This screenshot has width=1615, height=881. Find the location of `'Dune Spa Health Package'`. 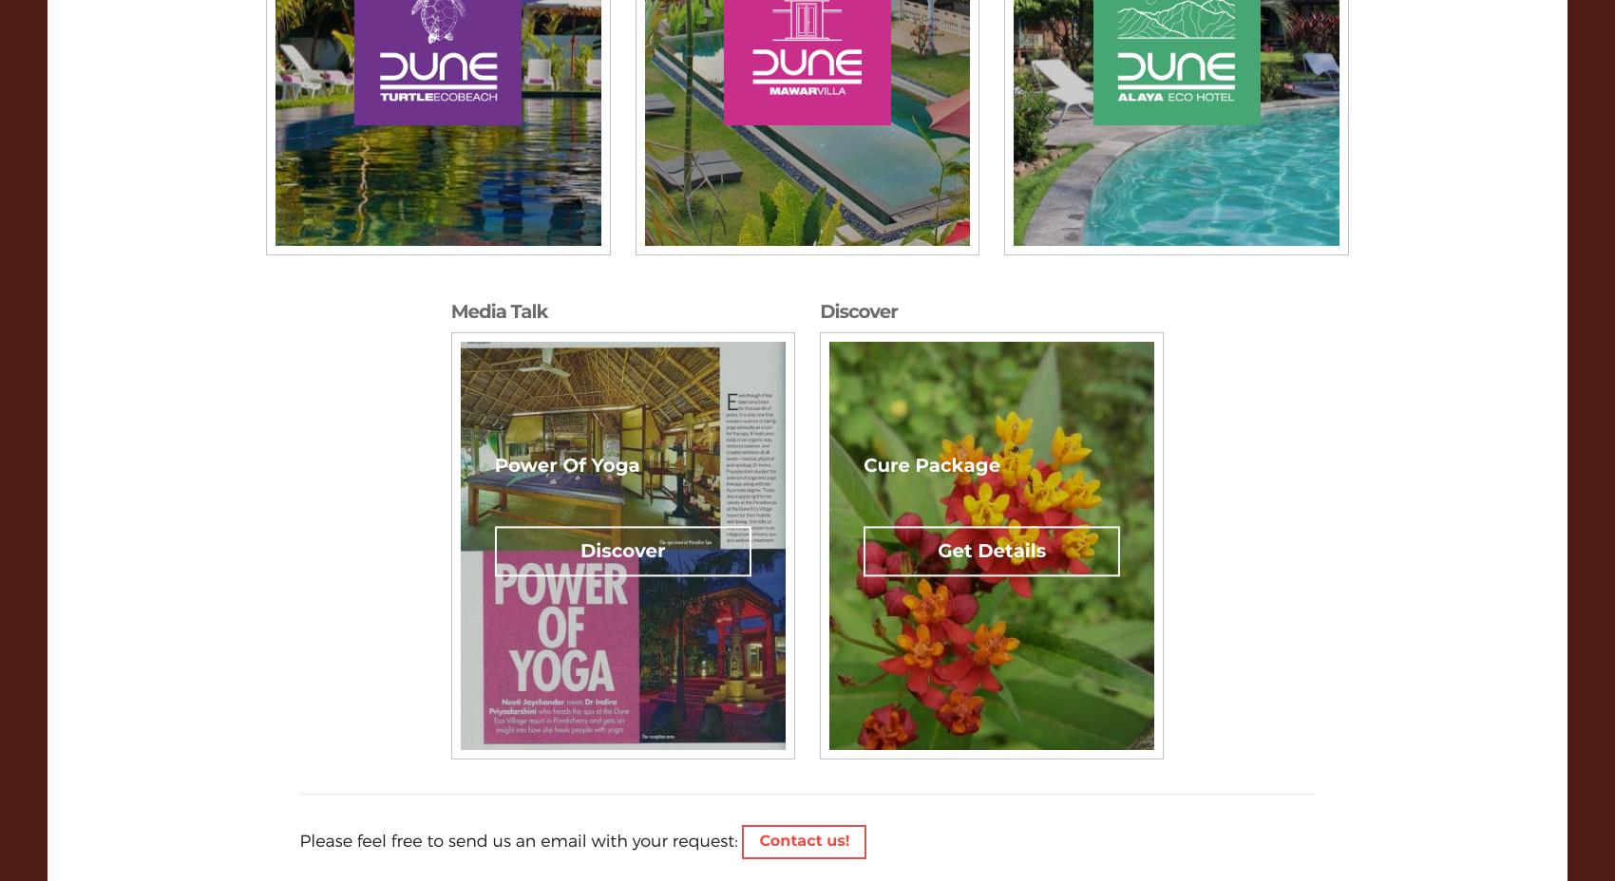

'Dune Spa Health Package' is located at coordinates (1062, 725).